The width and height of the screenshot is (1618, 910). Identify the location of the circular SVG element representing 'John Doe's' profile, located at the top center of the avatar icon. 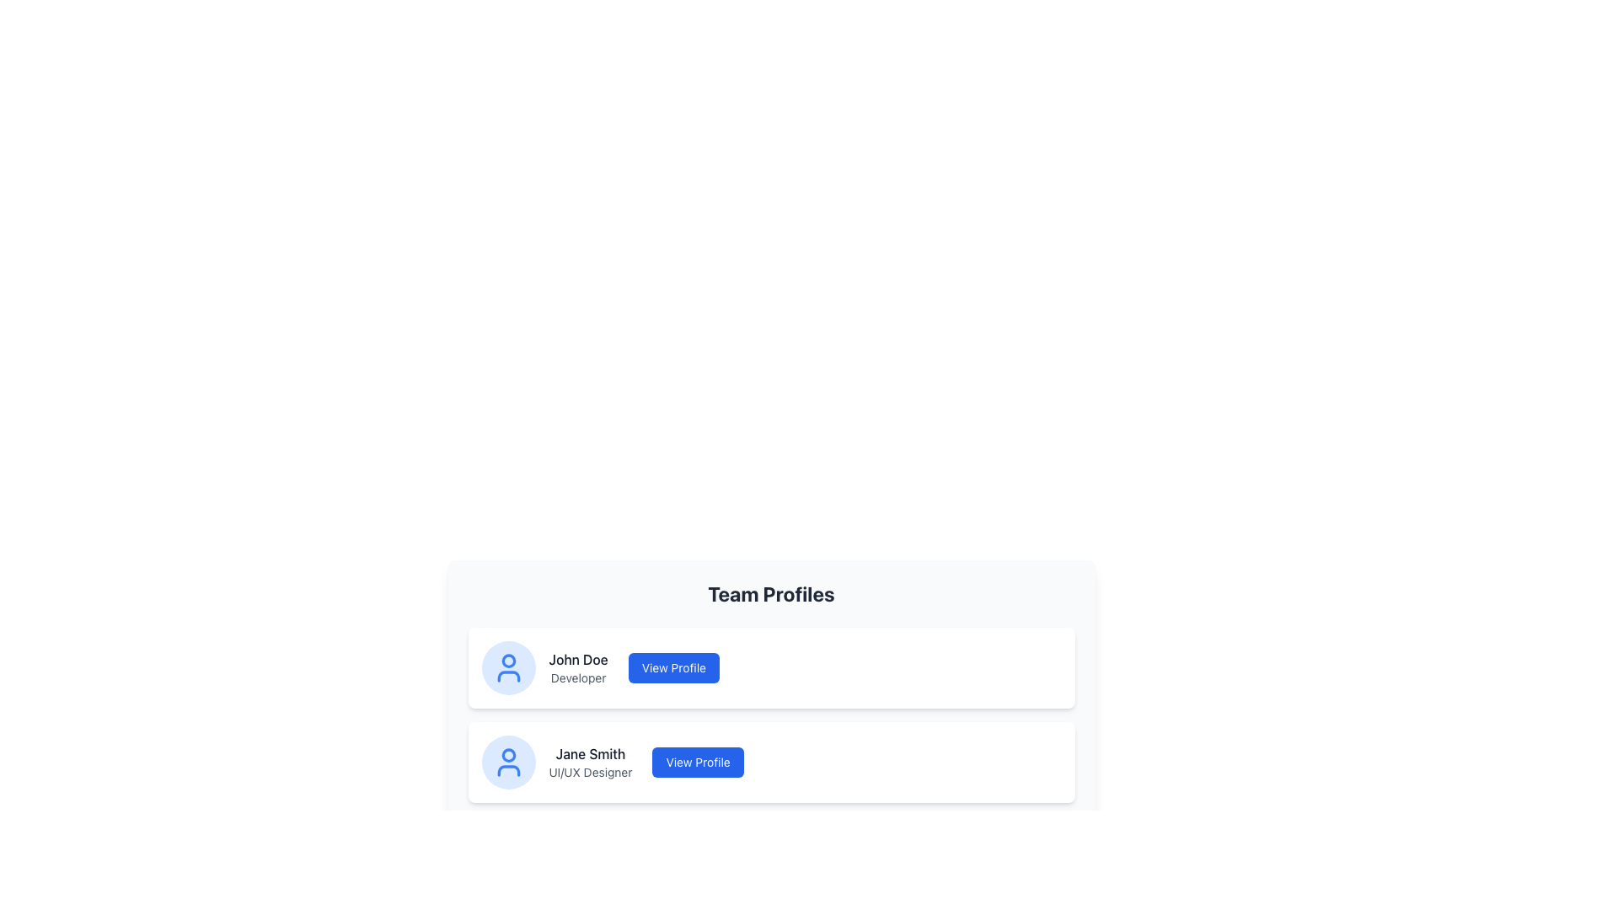
(507, 660).